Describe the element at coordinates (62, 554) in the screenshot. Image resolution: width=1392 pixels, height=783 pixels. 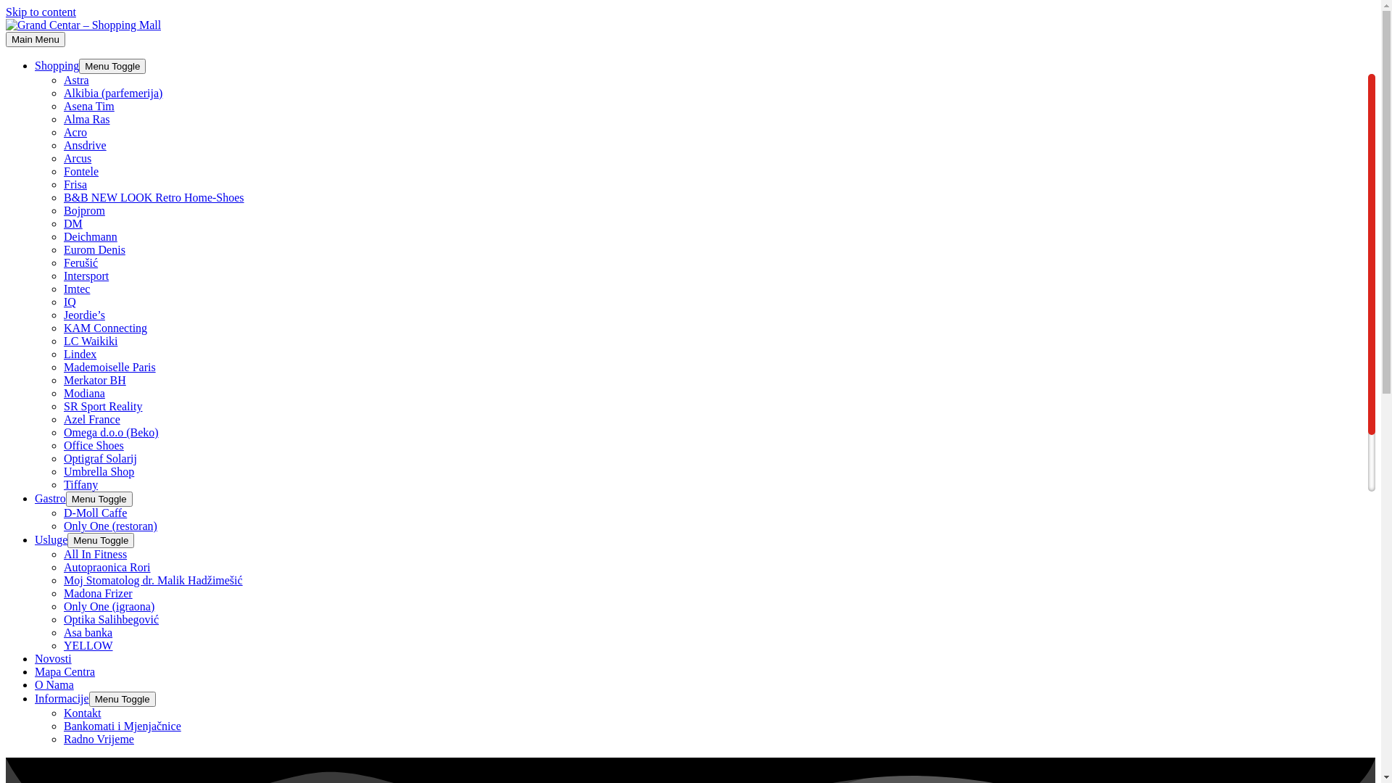
I see `'All In Fitness'` at that location.